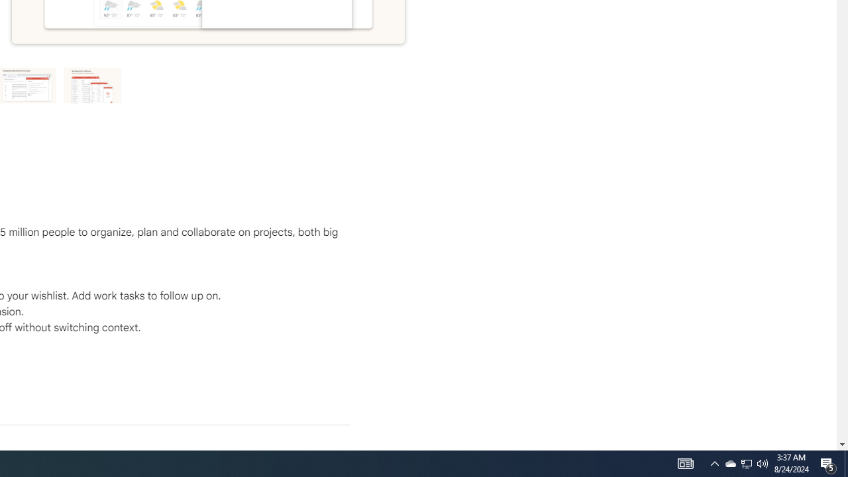 Image resolution: width=848 pixels, height=477 pixels. What do you see at coordinates (92, 85) in the screenshot?
I see `'Preview slide 4'` at bounding box center [92, 85].